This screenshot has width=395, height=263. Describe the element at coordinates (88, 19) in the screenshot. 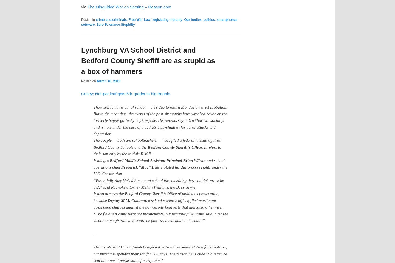

I see `'Posted in'` at that location.